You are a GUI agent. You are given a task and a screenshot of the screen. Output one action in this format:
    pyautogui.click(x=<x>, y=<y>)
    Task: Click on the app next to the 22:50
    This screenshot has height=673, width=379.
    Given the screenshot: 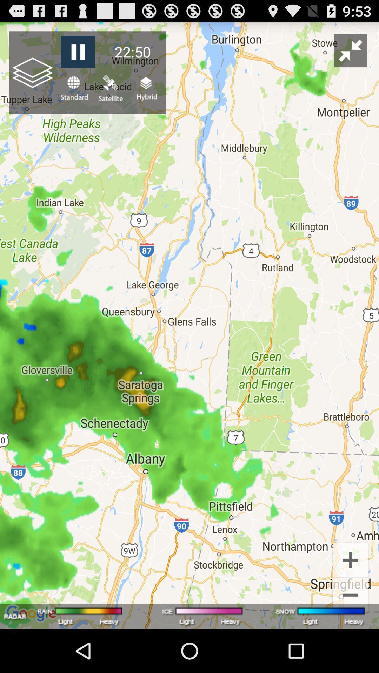 What is the action you would take?
    pyautogui.click(x=350, y=50)
    